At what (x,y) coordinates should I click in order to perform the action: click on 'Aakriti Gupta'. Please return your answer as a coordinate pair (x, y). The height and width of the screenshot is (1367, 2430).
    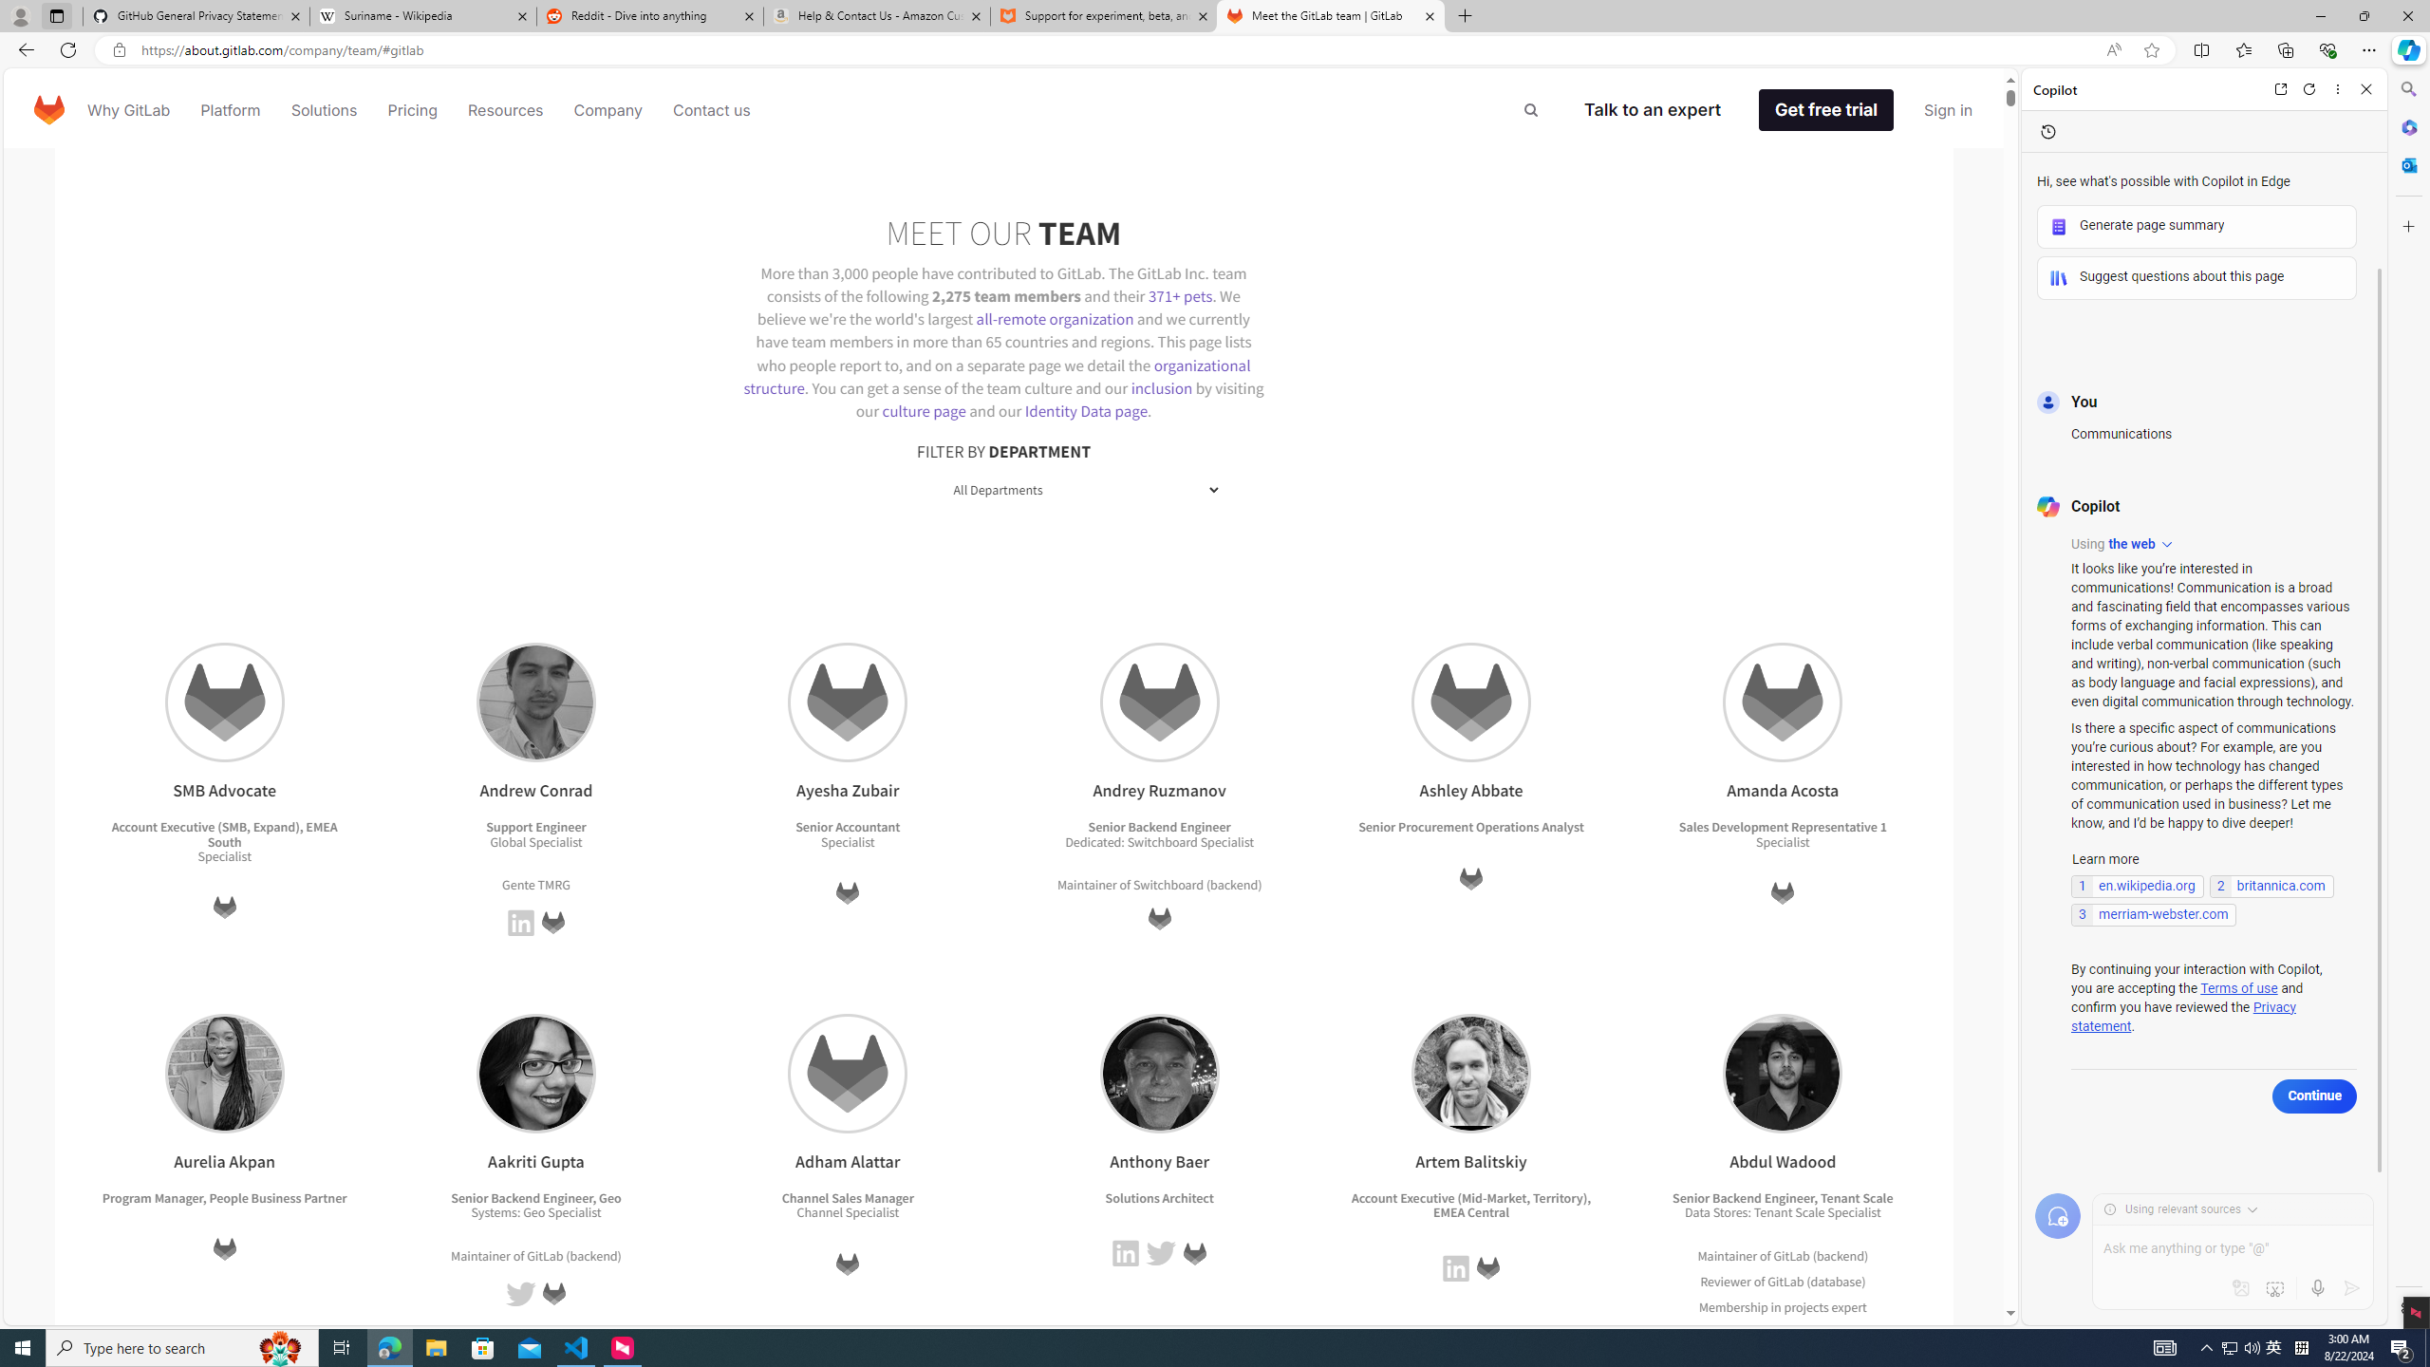
    Looking at the image, I should click on (534, 1072).